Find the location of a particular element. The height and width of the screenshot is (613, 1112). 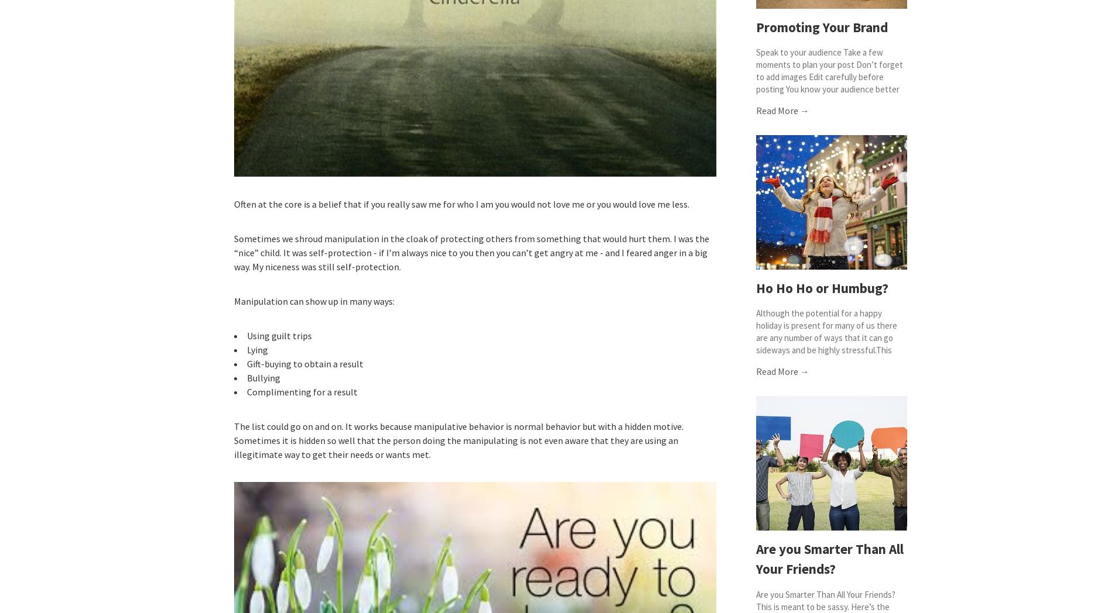

'Are you Smarter Than All Your Friends?' is located at coordinates (829, 559).